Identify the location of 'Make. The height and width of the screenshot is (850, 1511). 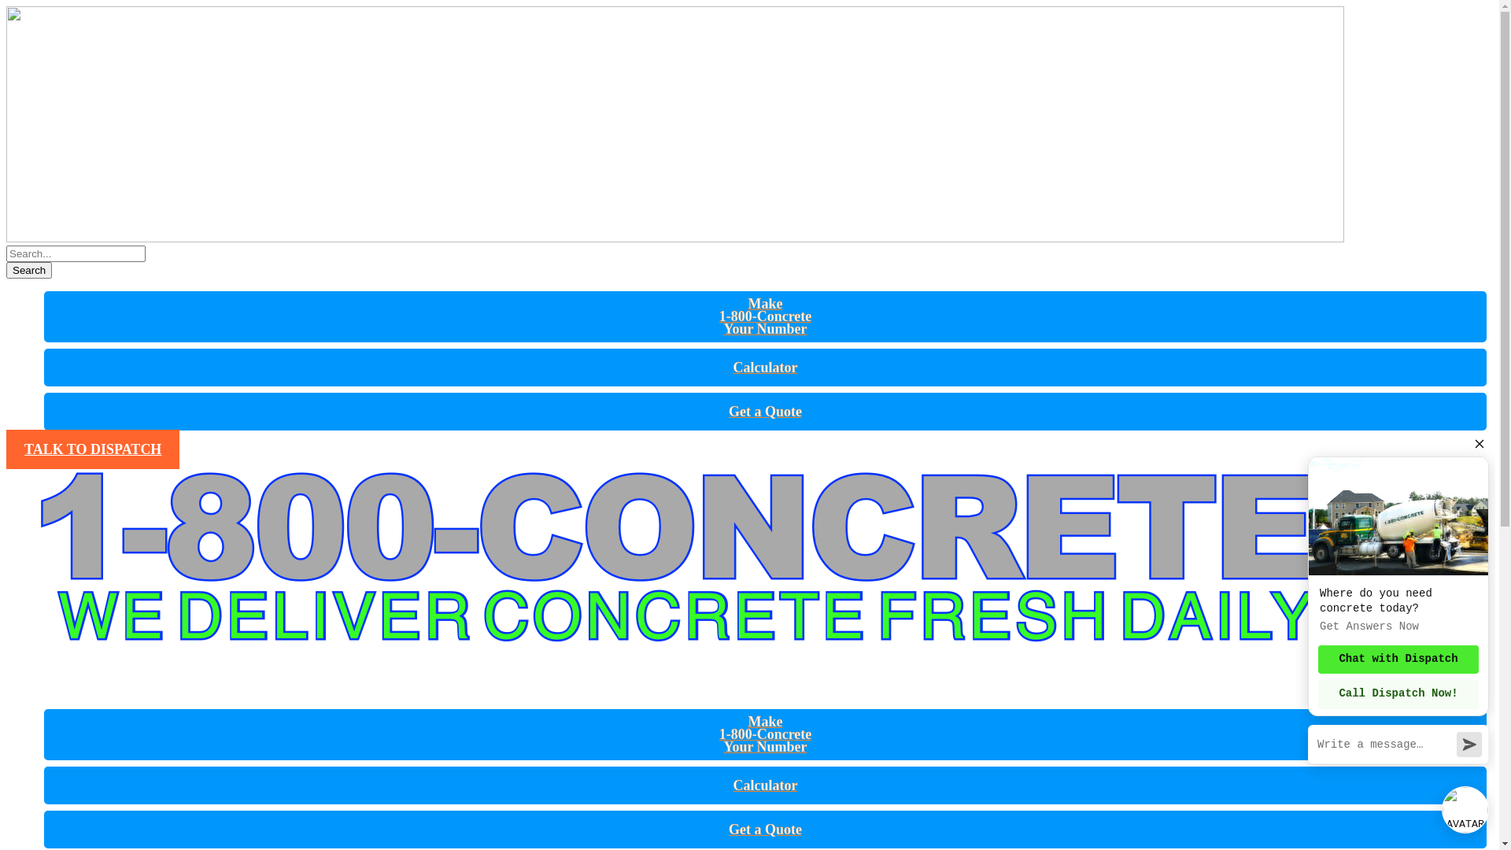
(766, 316).